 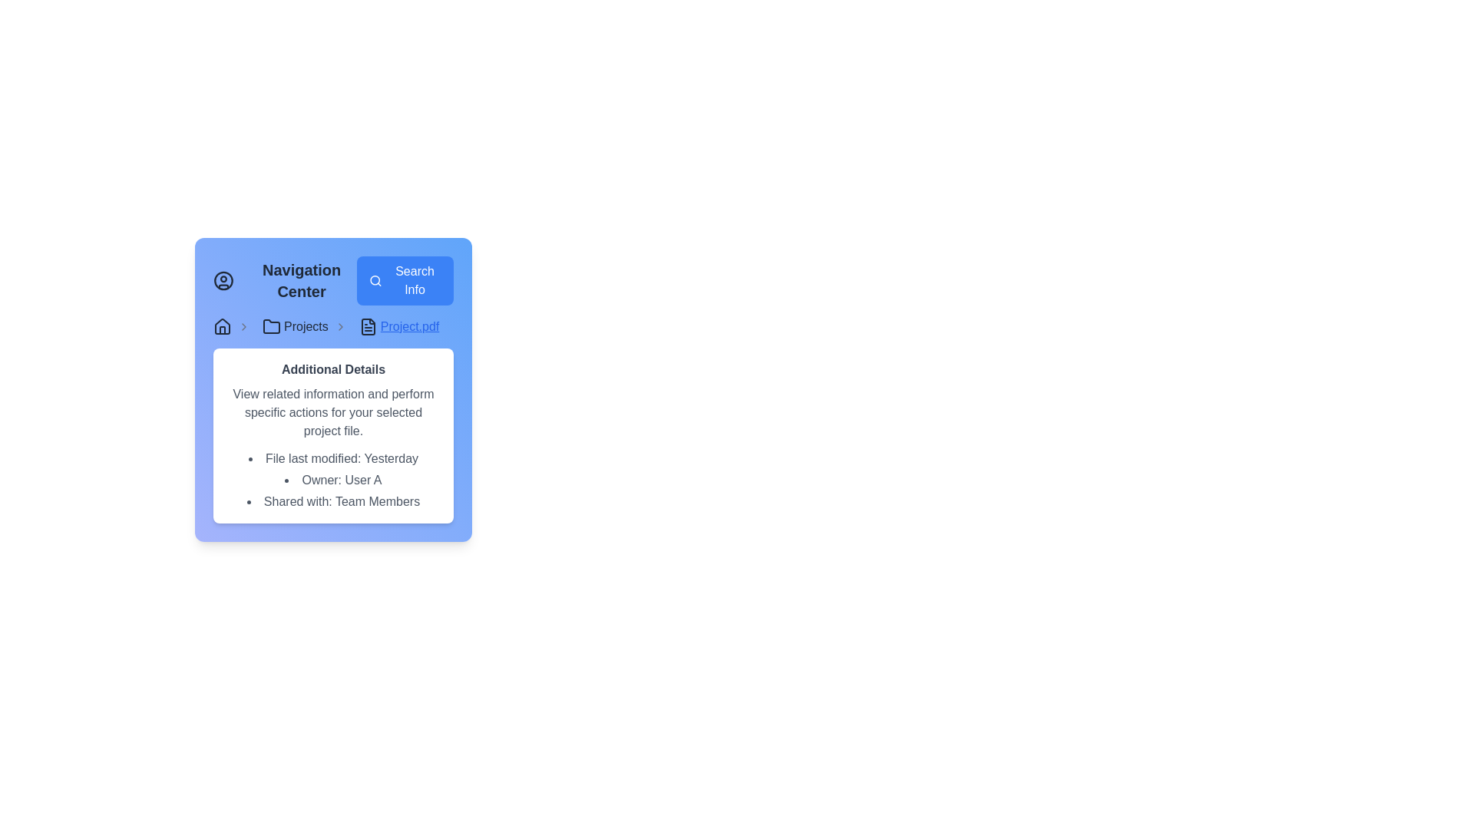 What do you see at coordinates (332, 325) in the screenshot?
I see `the breadcrumb link 'Projects' in the breadcrumb navigation component` at bounding box center [332, 325].